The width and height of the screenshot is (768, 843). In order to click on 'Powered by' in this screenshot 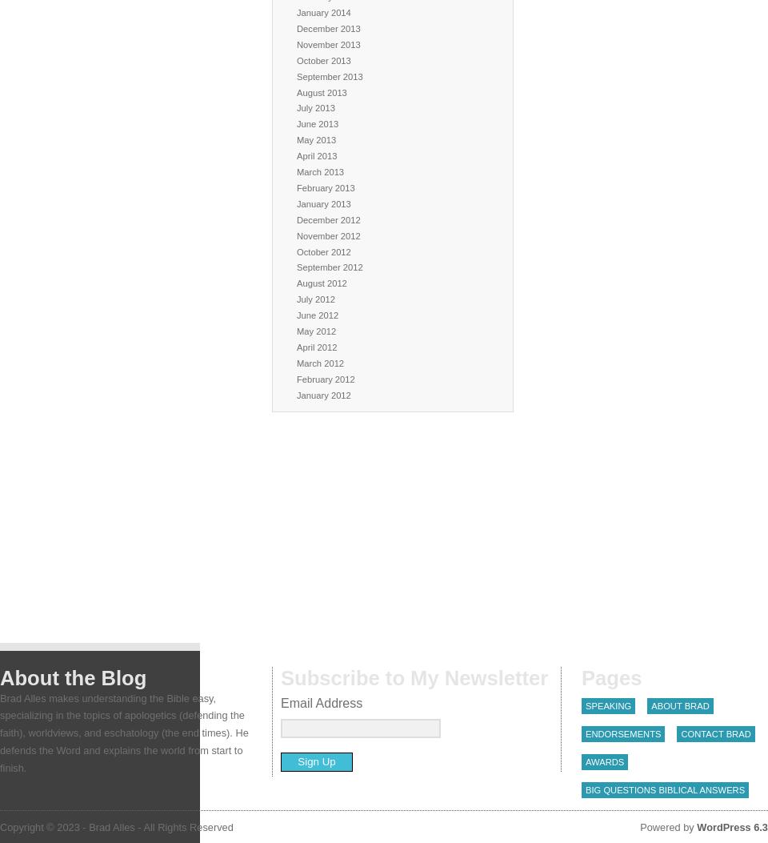, I will do `click(668, 825)`.